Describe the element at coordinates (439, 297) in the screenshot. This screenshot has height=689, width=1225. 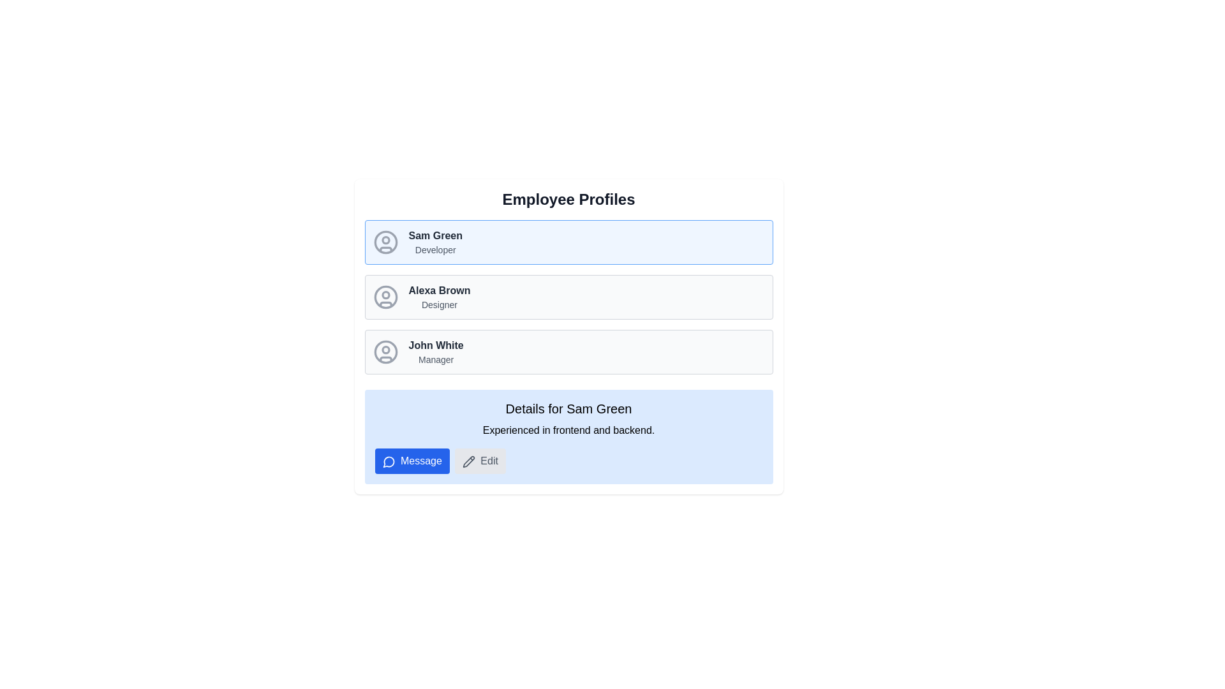
I see `the text block element that conveys the identity and role of 'Alexa Brown' in the employee profiles section, which is the second profile item in the list` at that location.